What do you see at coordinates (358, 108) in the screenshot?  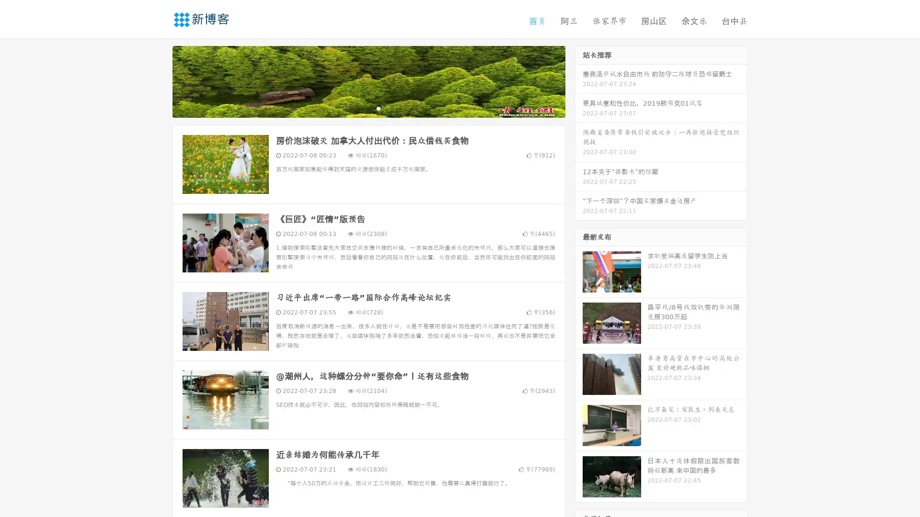 I see `Go to slide 1` at bounding box center [358, 108].